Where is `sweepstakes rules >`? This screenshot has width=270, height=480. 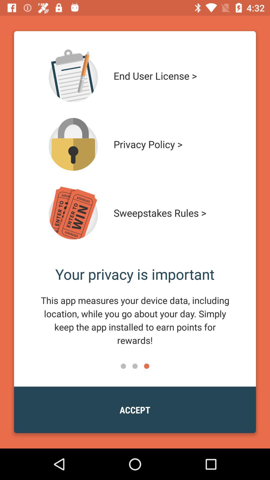
sweepstakes rules > is located at coordinates (169, 213).